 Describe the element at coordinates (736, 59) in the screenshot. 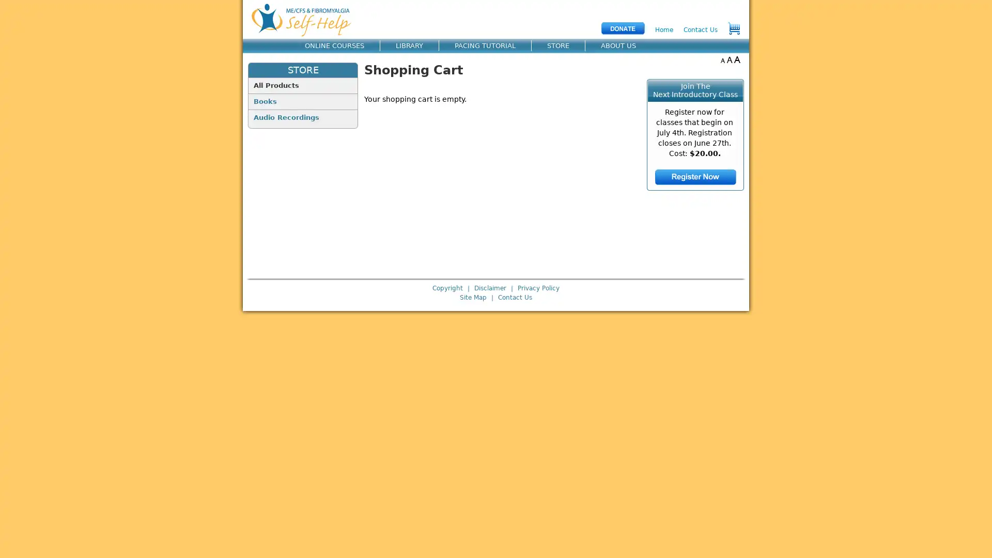

I see `A` at that location.